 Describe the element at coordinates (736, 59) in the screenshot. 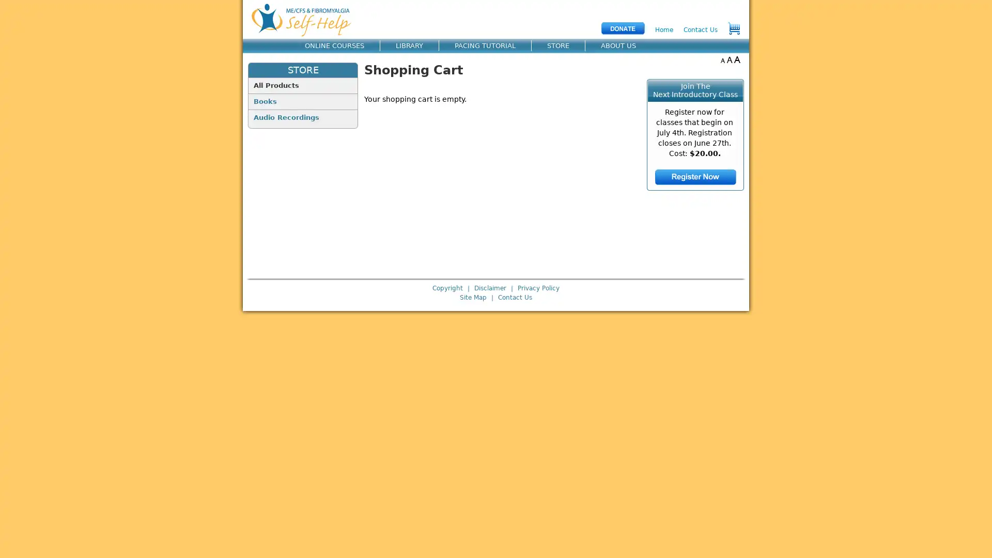

I see `A` at that location.